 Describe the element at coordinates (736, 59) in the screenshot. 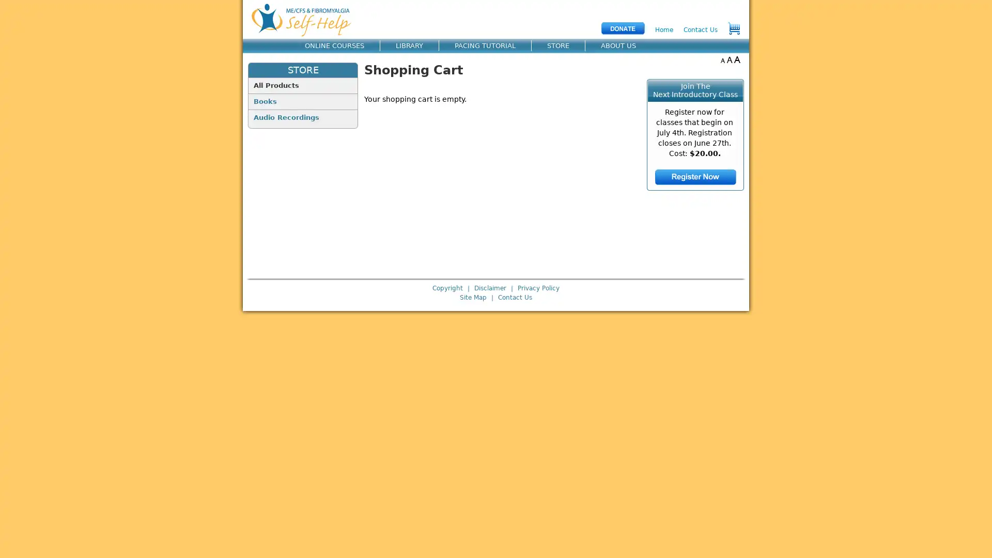

I see `A` at that location.